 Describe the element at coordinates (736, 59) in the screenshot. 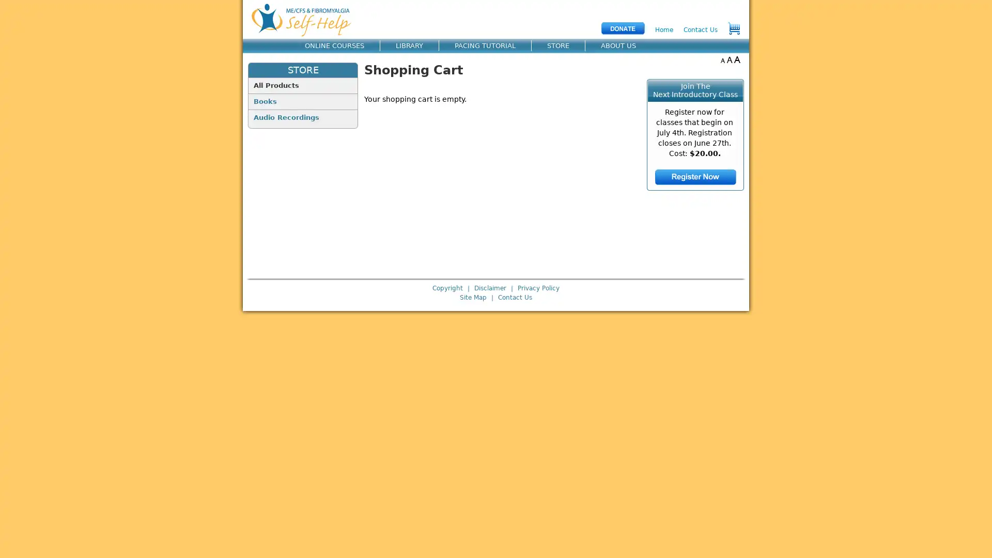

I see `A` at that location.